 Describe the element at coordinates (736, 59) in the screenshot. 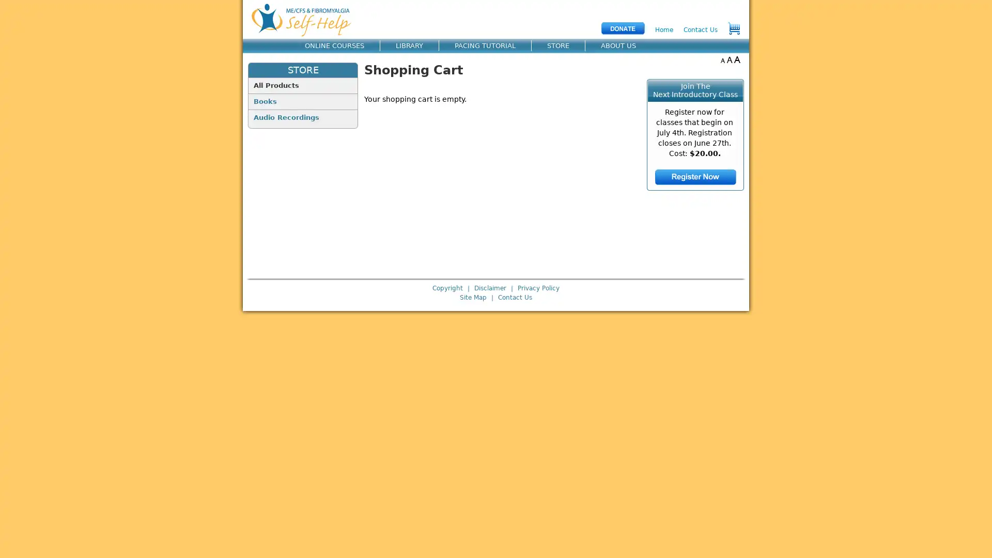

I see `A` at that location.